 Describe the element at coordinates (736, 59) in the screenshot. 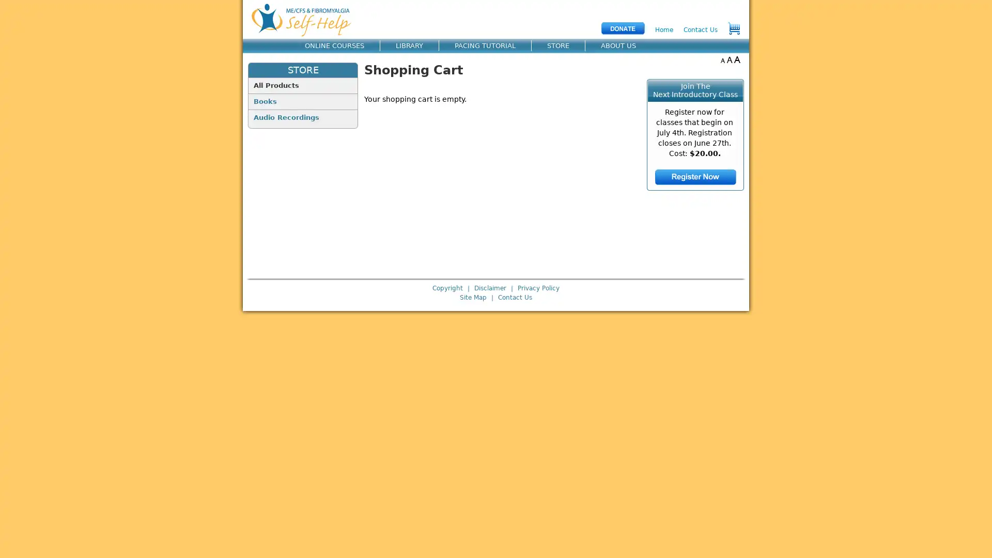

I see `A` at that location.